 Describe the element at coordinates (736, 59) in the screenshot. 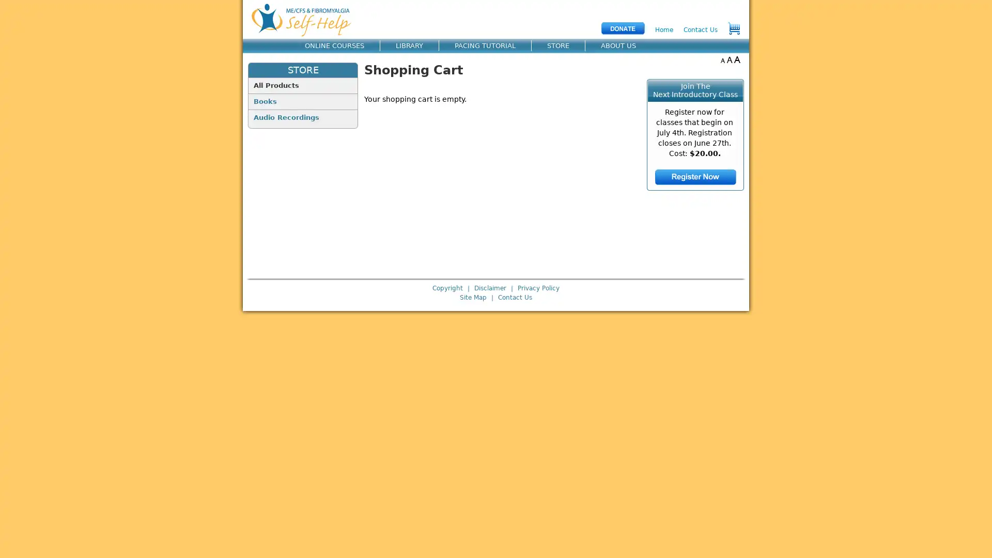

I see `A` at that location.